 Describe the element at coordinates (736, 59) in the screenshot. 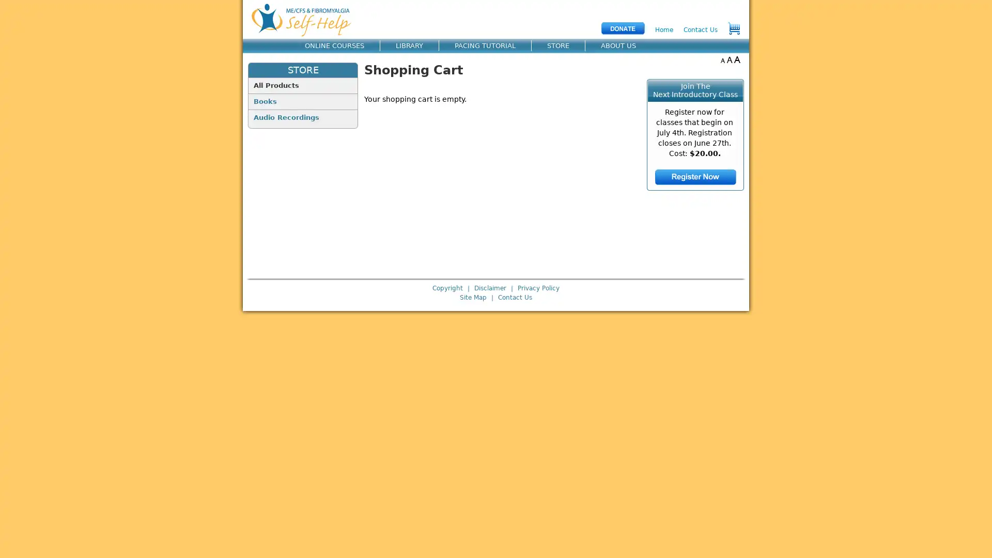

I see `A` at that location.